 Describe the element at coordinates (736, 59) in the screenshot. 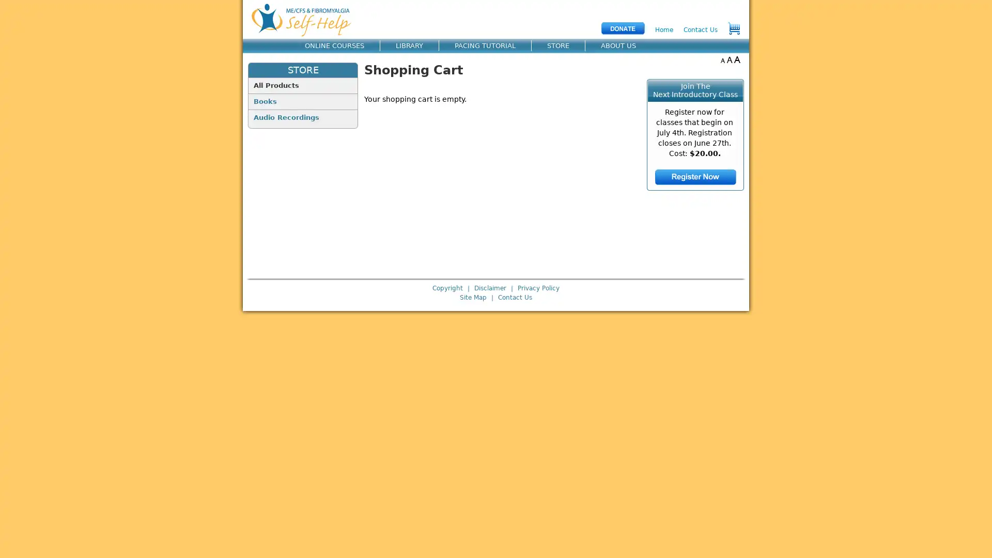

I see `A` at that location.